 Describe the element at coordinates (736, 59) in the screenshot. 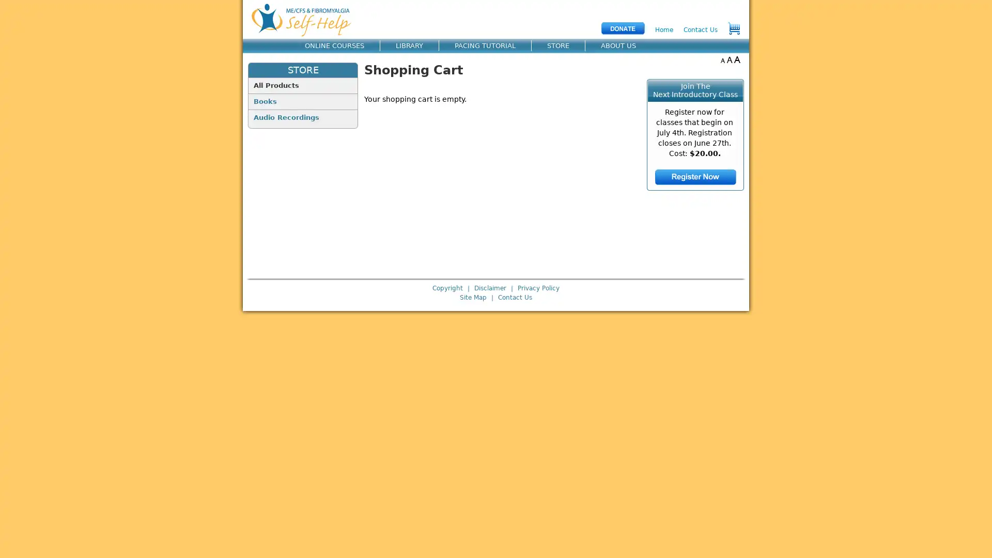

I see `A` at that location.